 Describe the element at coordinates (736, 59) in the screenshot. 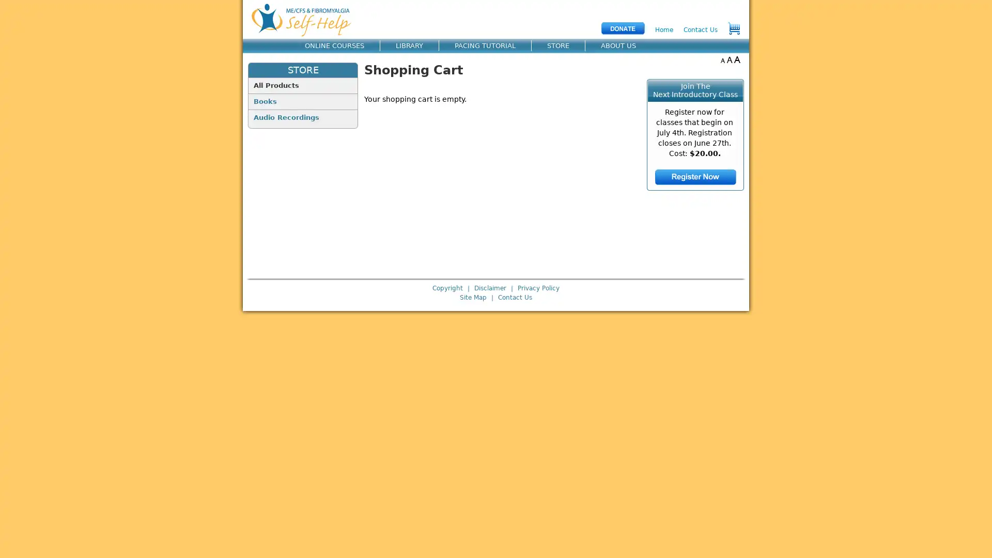

I see `A` at that location.